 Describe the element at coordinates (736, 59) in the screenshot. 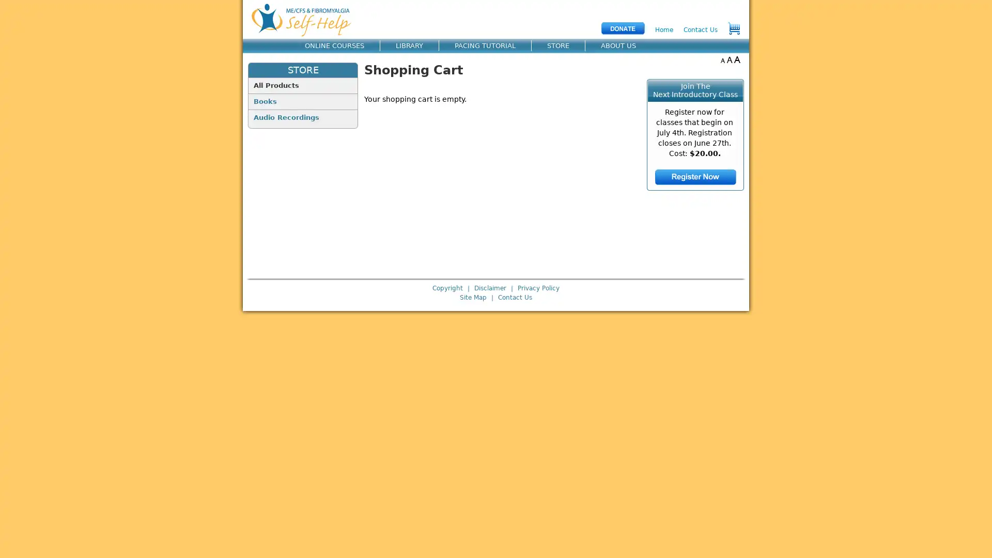

I see `A` at that location.